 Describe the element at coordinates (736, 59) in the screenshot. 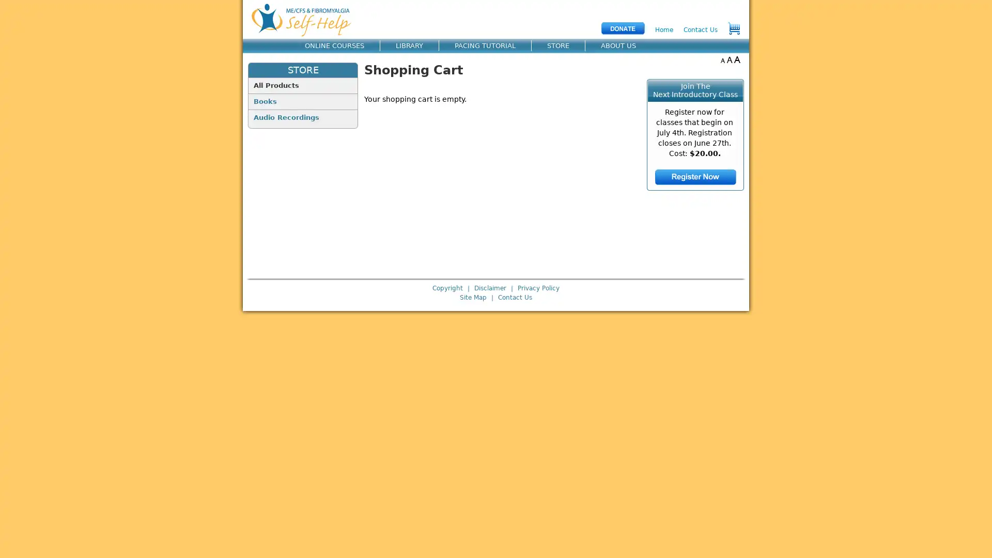

I see `A` at that location.